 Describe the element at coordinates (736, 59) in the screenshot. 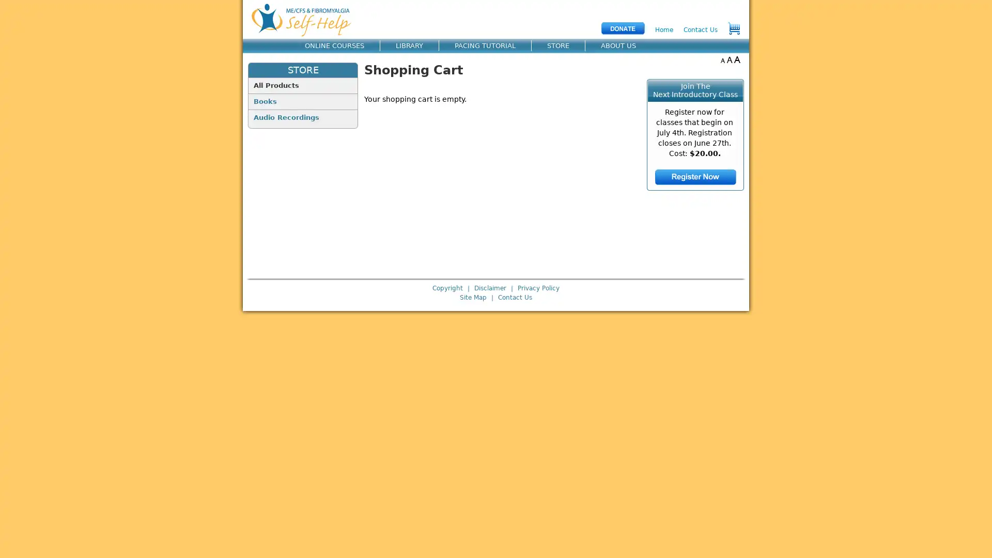

I see `A` at that location.